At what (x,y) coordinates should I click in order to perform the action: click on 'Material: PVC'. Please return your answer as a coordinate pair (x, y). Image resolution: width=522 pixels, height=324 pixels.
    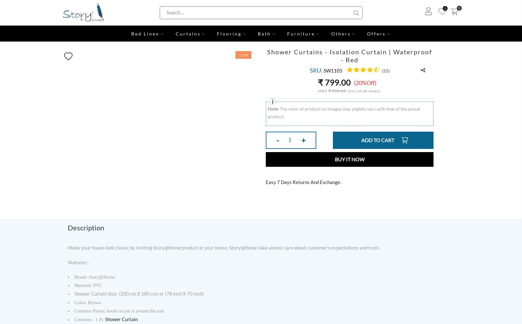
    Looking at the image, I should click on (88, 285).